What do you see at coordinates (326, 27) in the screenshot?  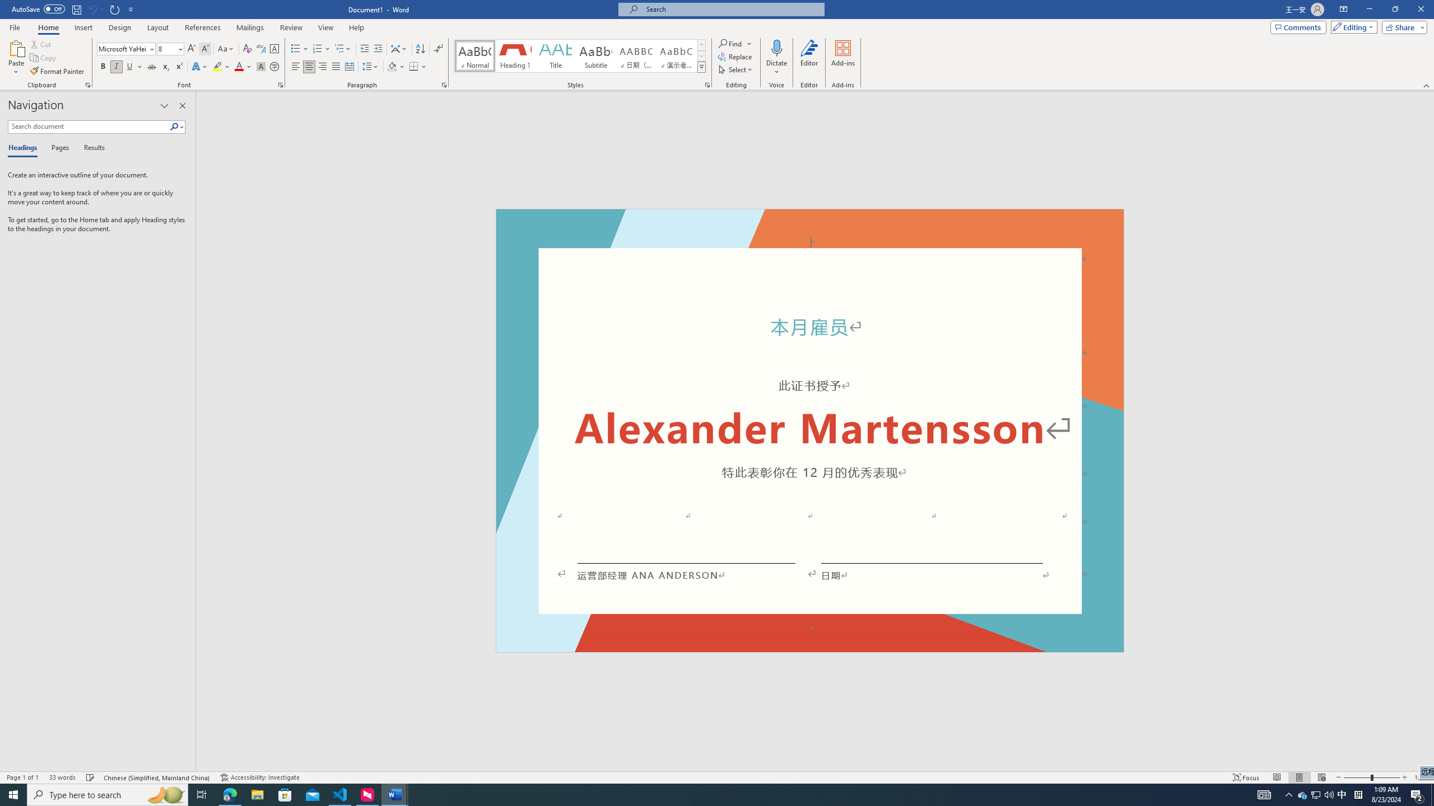 I see `'View'` at bounding box center [326, 27].